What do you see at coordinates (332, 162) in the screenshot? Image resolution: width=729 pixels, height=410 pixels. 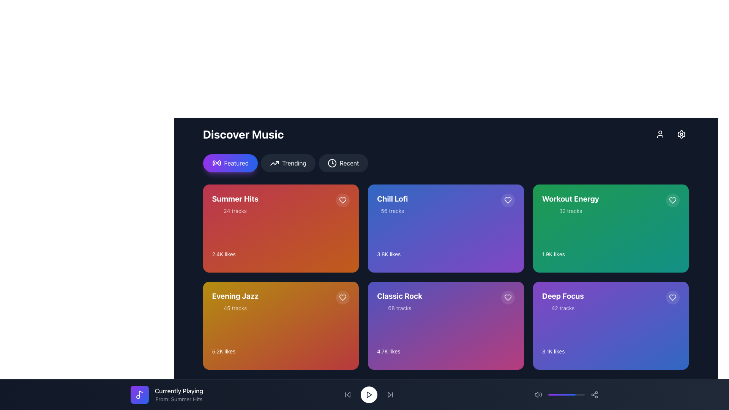 I see `the circular clock icon with a minimalist design located to the left of the text 'Recent' in the navigation bar under 'Discover Music'` at bounding box center [332, 162].